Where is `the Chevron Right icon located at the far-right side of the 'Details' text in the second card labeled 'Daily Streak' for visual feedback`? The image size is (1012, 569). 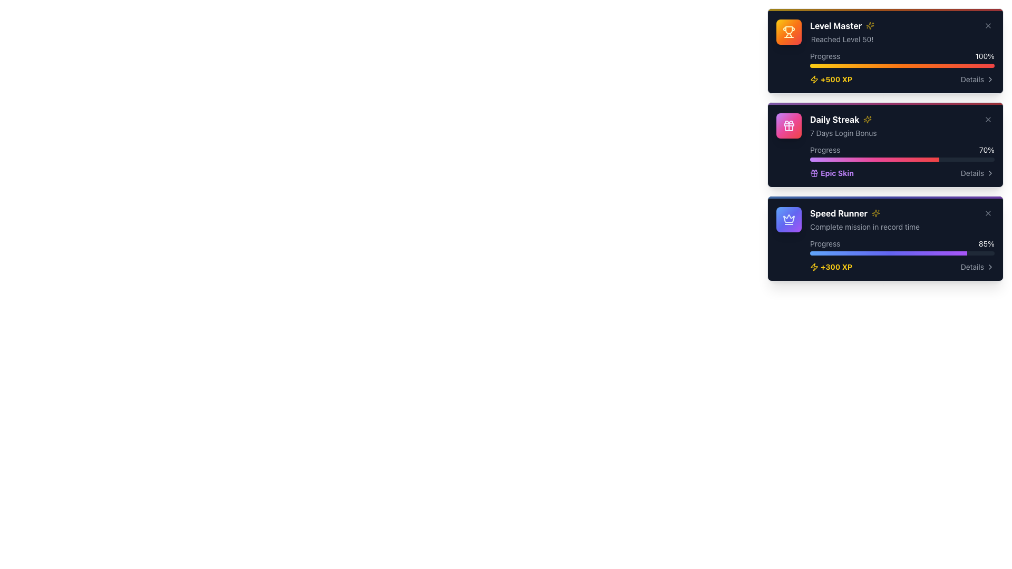
the Chevron Right icon located at the far-right side of the 'Details' text in the second card labeled 'Daily Streak' for visual feedback is located at coordinates (989, 172).